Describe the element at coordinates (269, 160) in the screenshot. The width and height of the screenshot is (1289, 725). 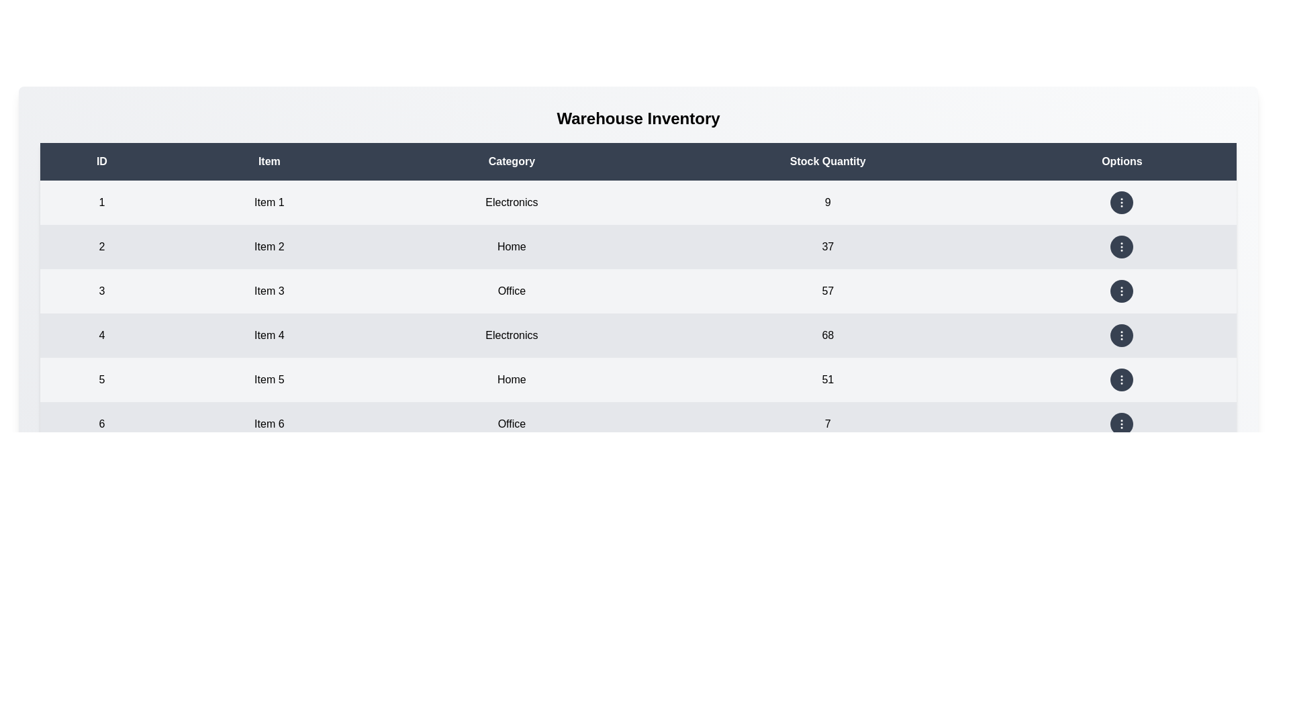
I see `the column header to sort by Item` at that location.